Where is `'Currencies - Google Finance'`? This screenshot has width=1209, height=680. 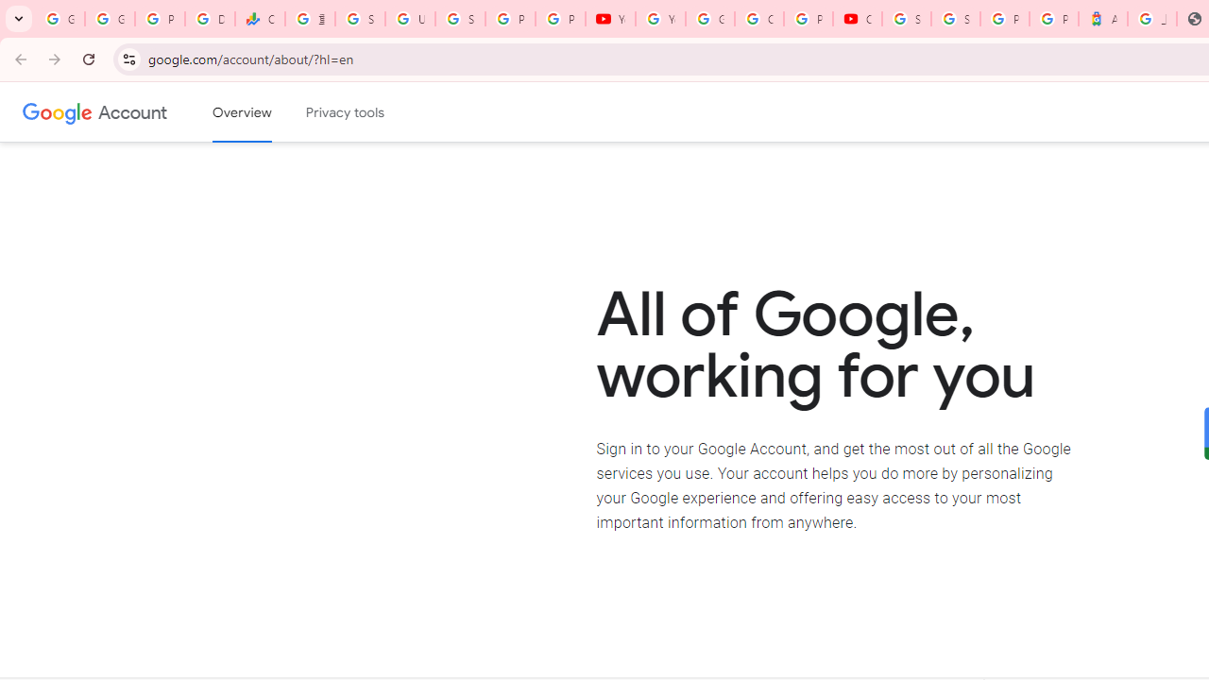
'Currencies - Google Finance' is located at coordinates (259, 19).